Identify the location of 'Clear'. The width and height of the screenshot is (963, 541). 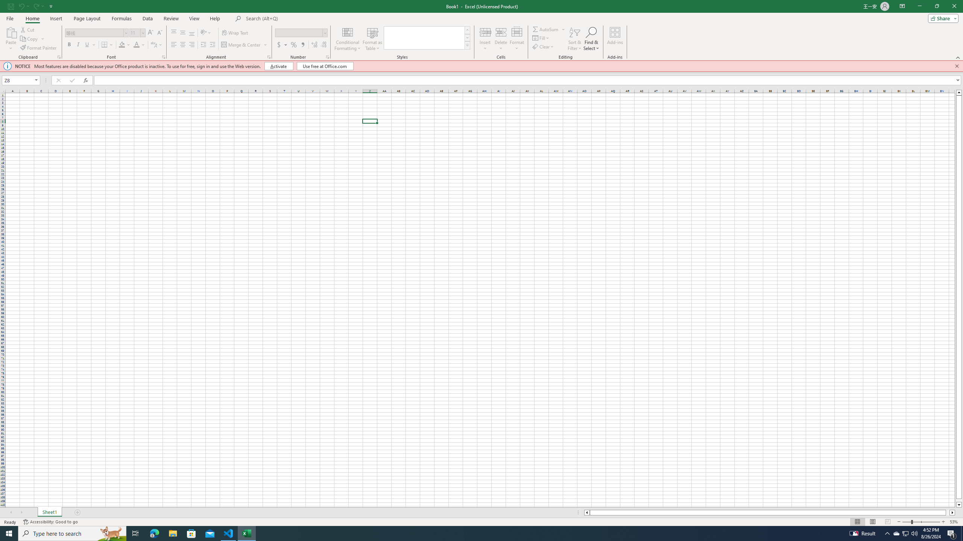
(544, 46).